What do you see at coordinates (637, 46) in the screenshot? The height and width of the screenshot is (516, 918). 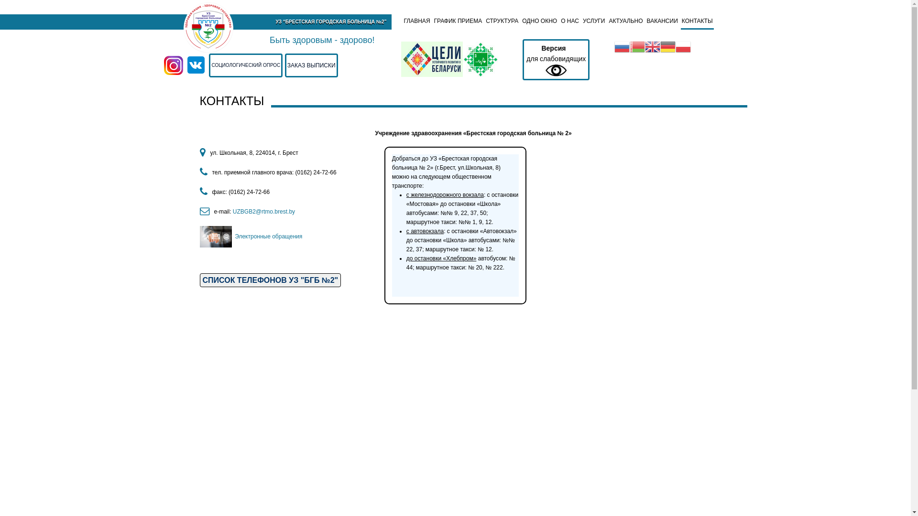 I see `'Belarusian'` at bounding box center [637, 46].